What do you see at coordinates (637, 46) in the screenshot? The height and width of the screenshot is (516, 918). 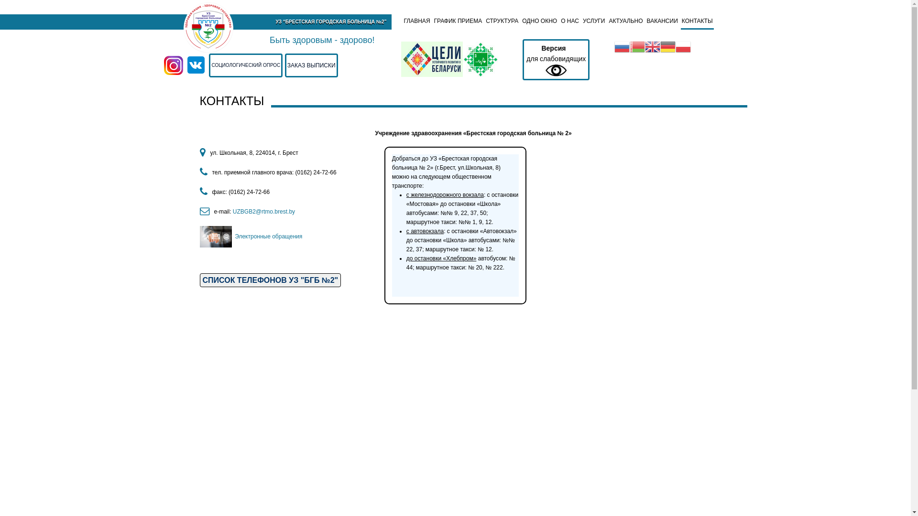 I see `'Belarusian'` at bounding box center [637, 46].